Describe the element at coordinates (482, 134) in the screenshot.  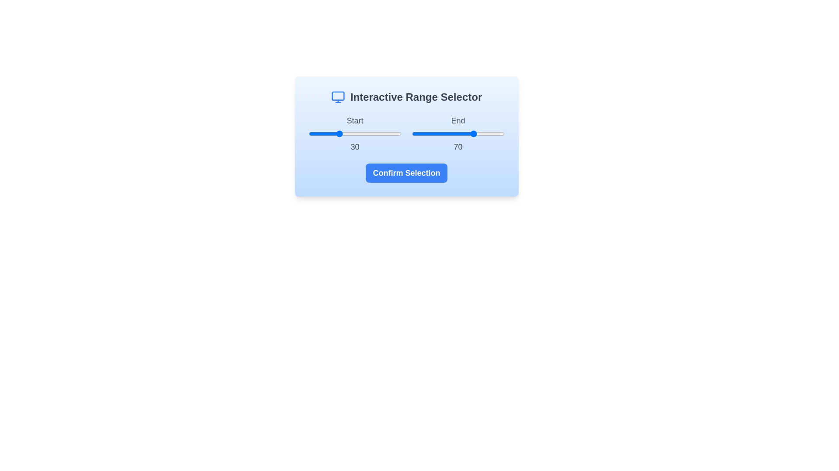
I see `the end range value to 76 by interacting with the slider` at that location.